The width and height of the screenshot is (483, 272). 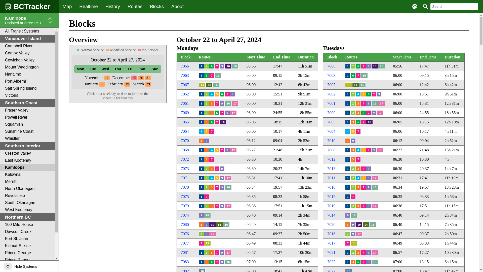 What do you see at coordinates (201, 215) in the screenshot?
I see `'9'` at bounding box center [201, 215].